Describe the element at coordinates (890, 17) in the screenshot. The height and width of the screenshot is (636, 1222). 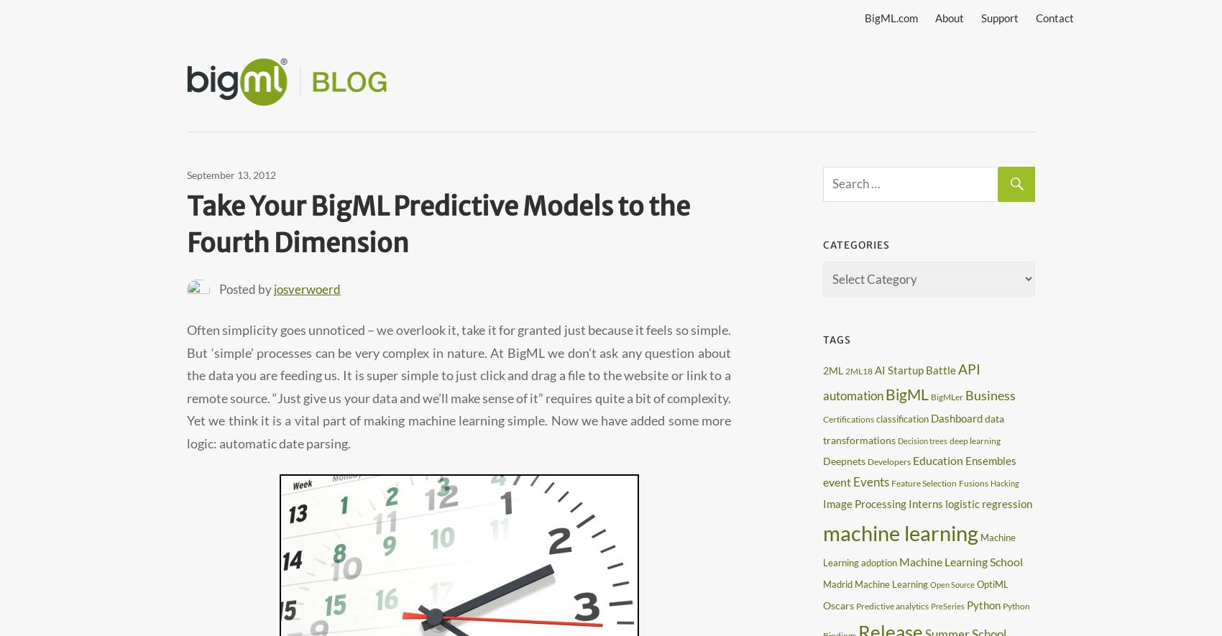
I see `'BigML.com'` at that location.